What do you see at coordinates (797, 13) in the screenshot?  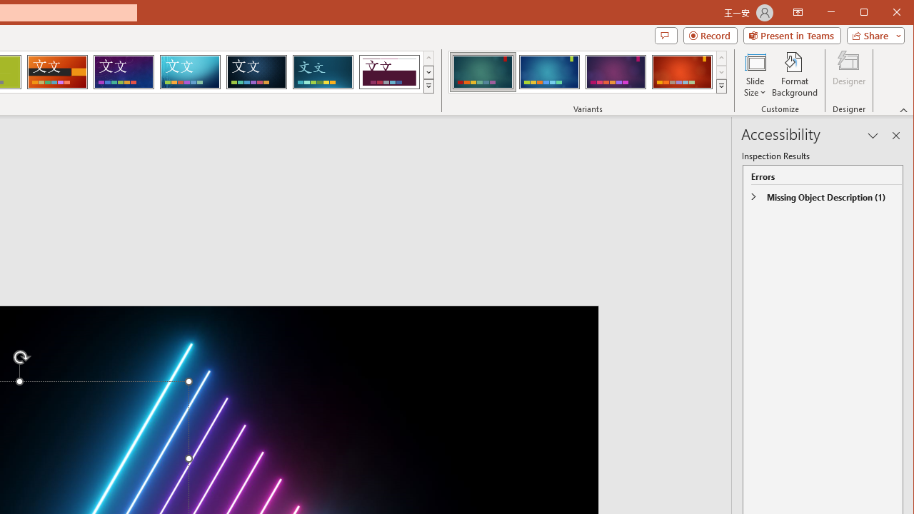 I see `'Ribbon Display Options'` at bounding box center [797, 13].